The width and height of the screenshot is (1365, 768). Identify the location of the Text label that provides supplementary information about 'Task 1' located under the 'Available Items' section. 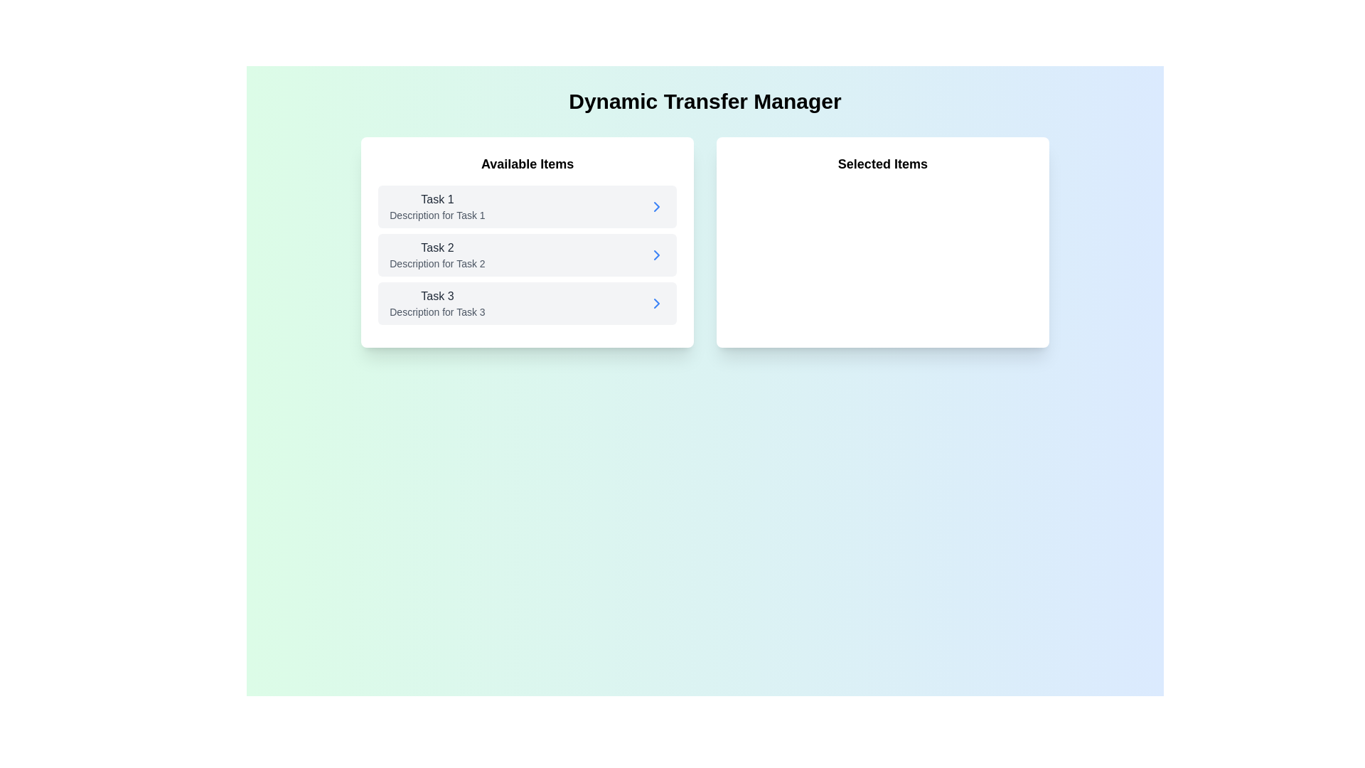
(437, 215).